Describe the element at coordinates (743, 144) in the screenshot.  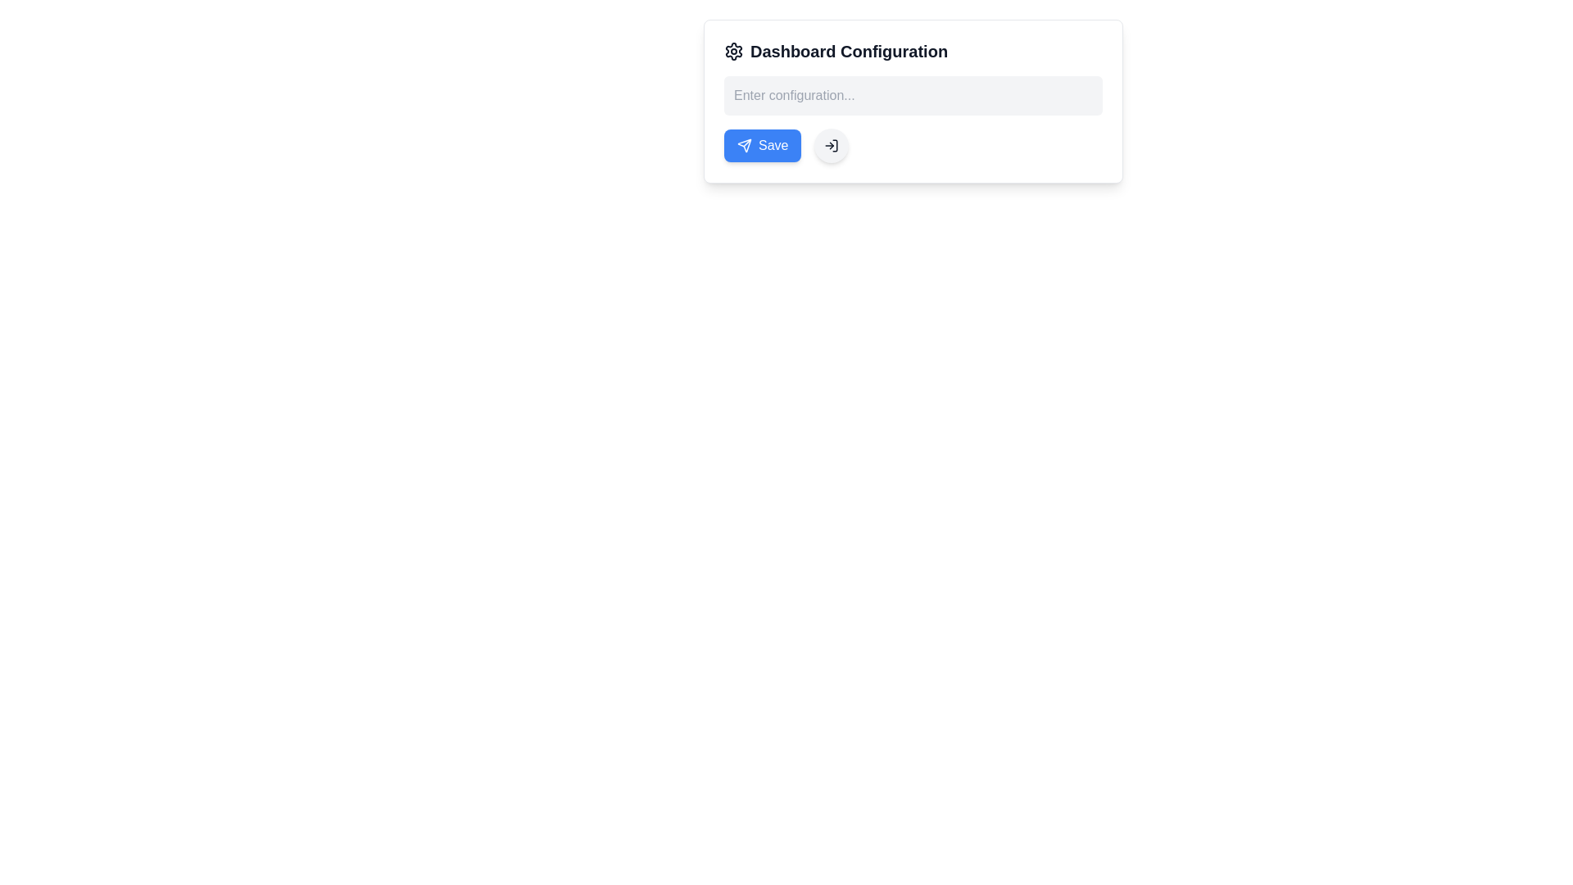
I see `the save icon located to the left of the 'Save' button in the 'Dashboard Configuration' interface` at that location.